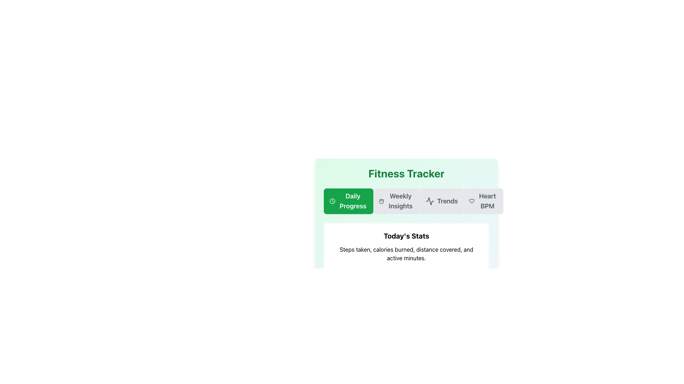 This screenshot has height=384, width=684. I want to click on the time or progress icon located on the left side of the green 'Daily Progress' button, which enhances the button's meaning, so click(332, 201).